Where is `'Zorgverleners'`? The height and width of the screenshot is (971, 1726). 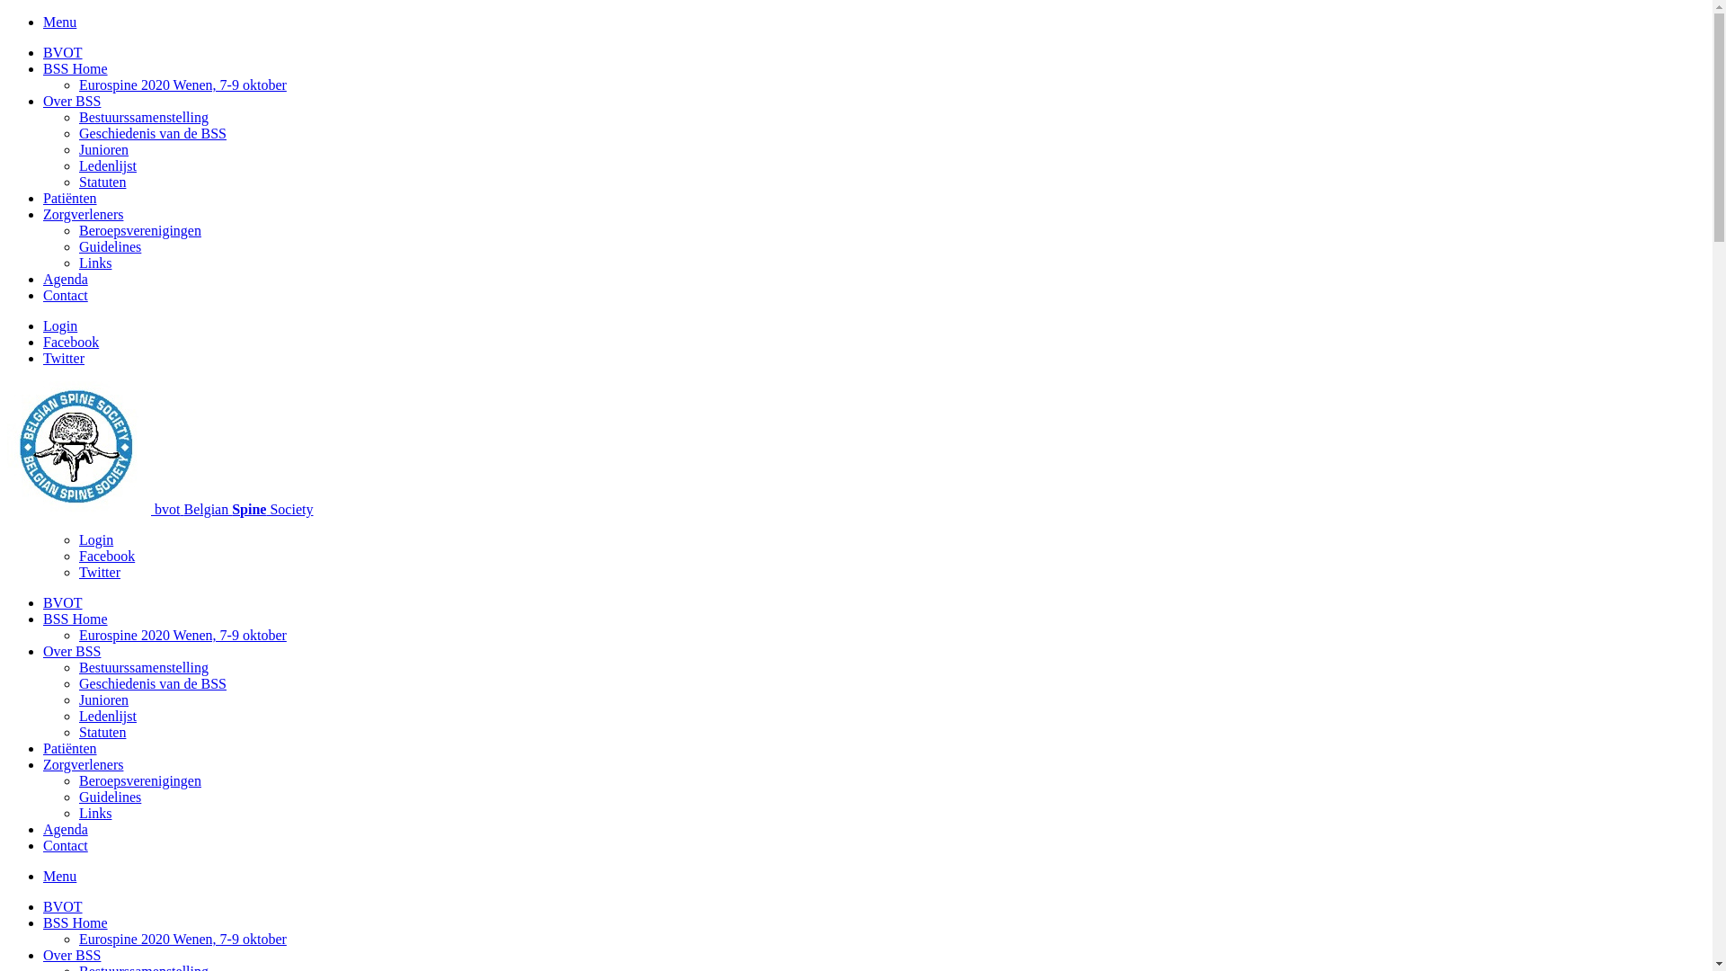
'Zorgverleners' is located at coordinates (82, 213).